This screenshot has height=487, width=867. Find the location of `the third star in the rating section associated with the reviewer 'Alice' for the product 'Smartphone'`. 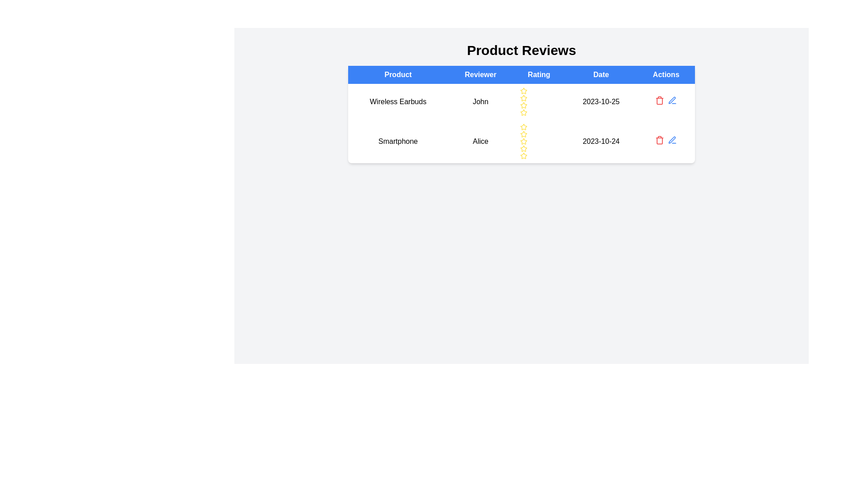

the third star in the rating section associated with the reviewer 'Alice' for the product 'Smartphone' is located at coordinates (524, 134).